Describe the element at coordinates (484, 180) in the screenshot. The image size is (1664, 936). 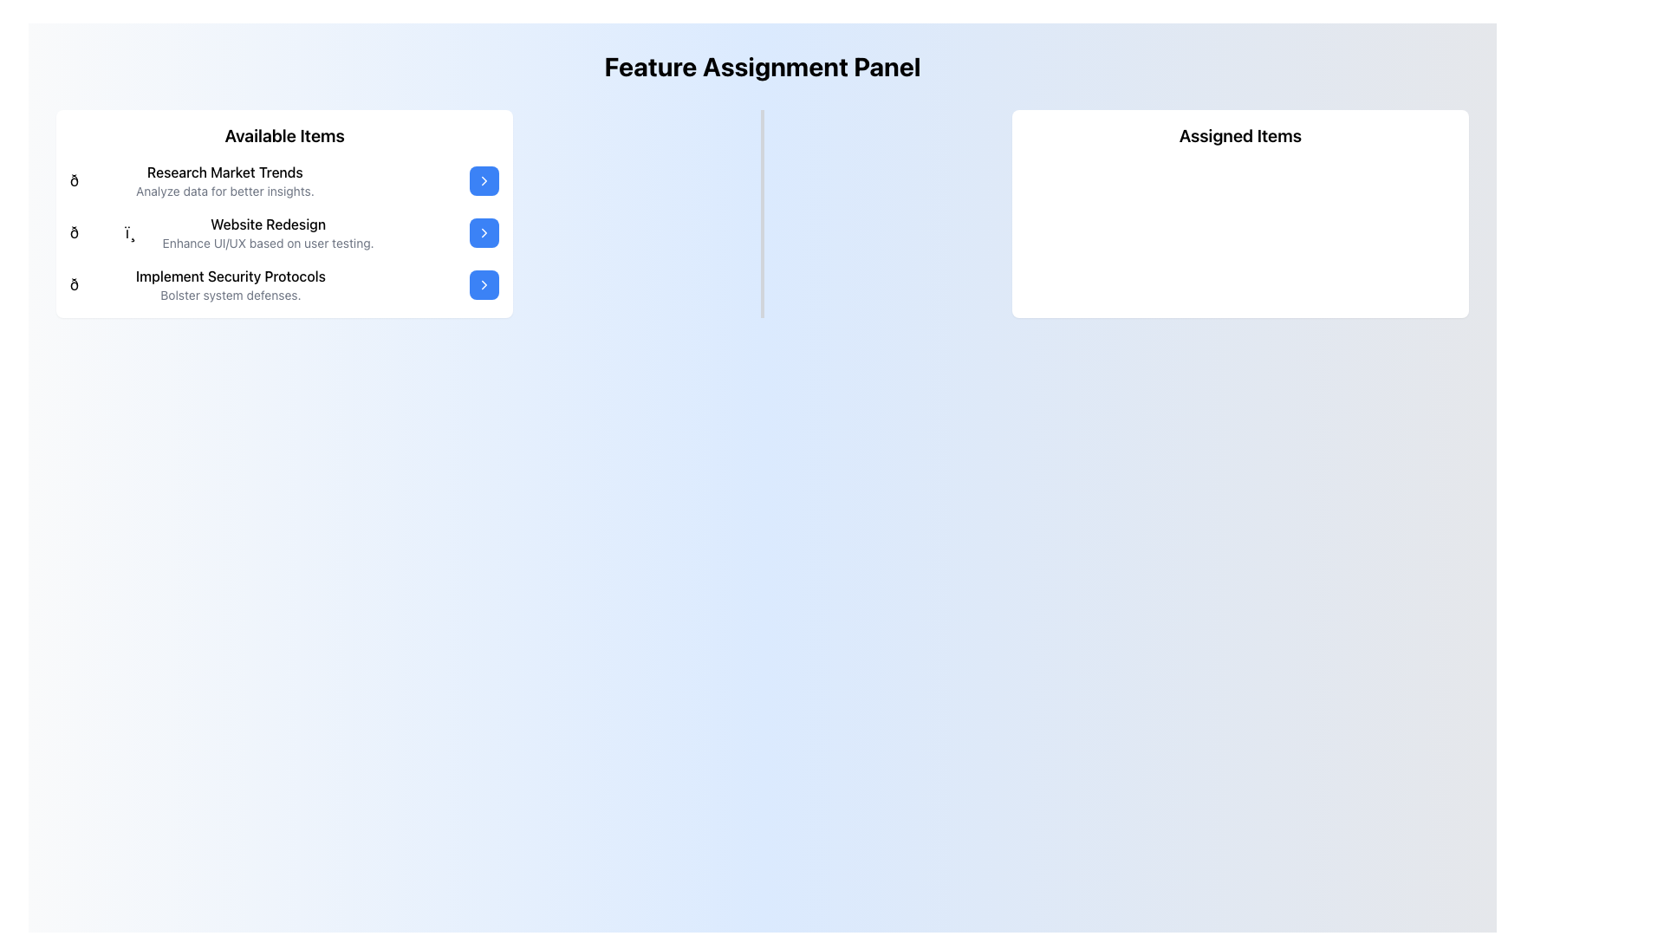
I see `the chevron icon within the rounded blue button that serves as the navigation button for the 'Website Redesign' item` at that location.